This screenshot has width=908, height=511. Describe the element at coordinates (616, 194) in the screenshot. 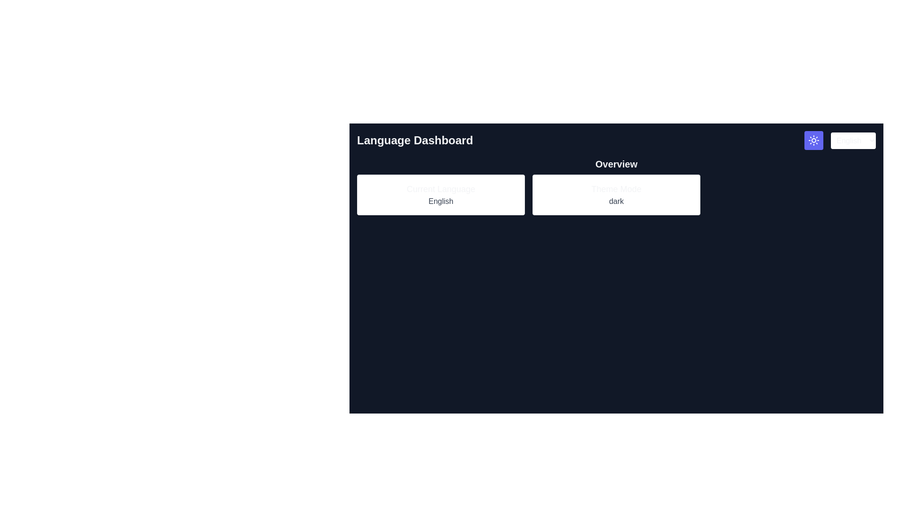

I see `the second informational card titled 'Theme Mode' which displays the text 'dark' in a grid layout of similar cards` at that location.